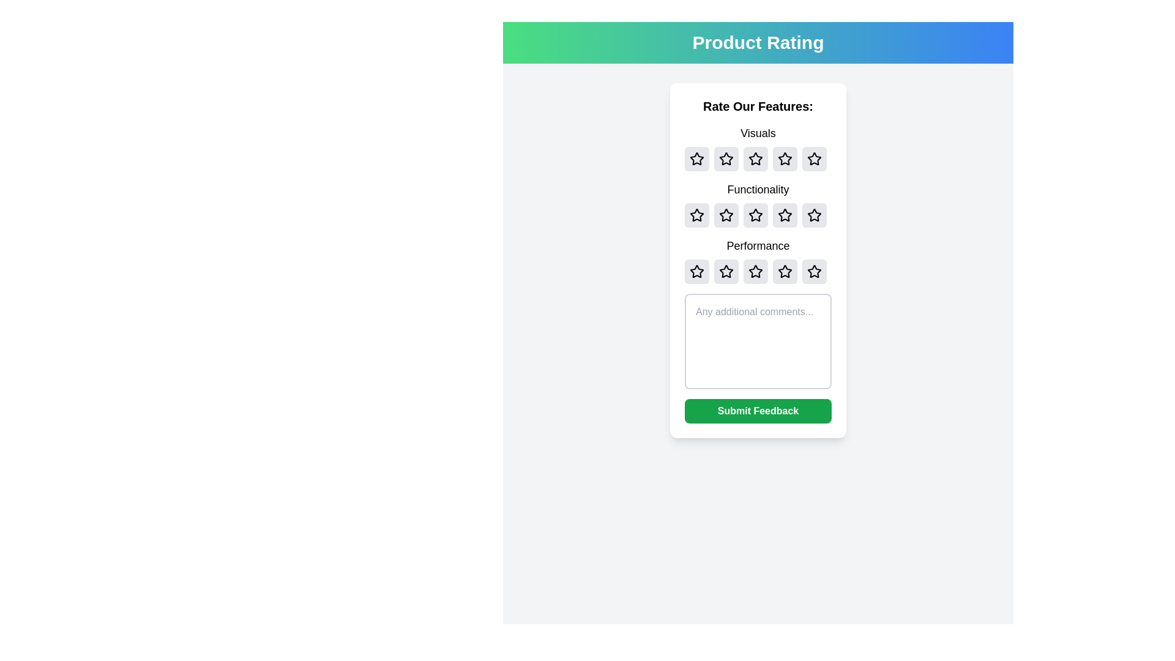  What do you see at coordinates (757, 214) in the screenshot?
I see `the third star icon in the row of five stars under the 'Functionality' label in the 'Rate Our Features' section` at bounding box center [757, 214].